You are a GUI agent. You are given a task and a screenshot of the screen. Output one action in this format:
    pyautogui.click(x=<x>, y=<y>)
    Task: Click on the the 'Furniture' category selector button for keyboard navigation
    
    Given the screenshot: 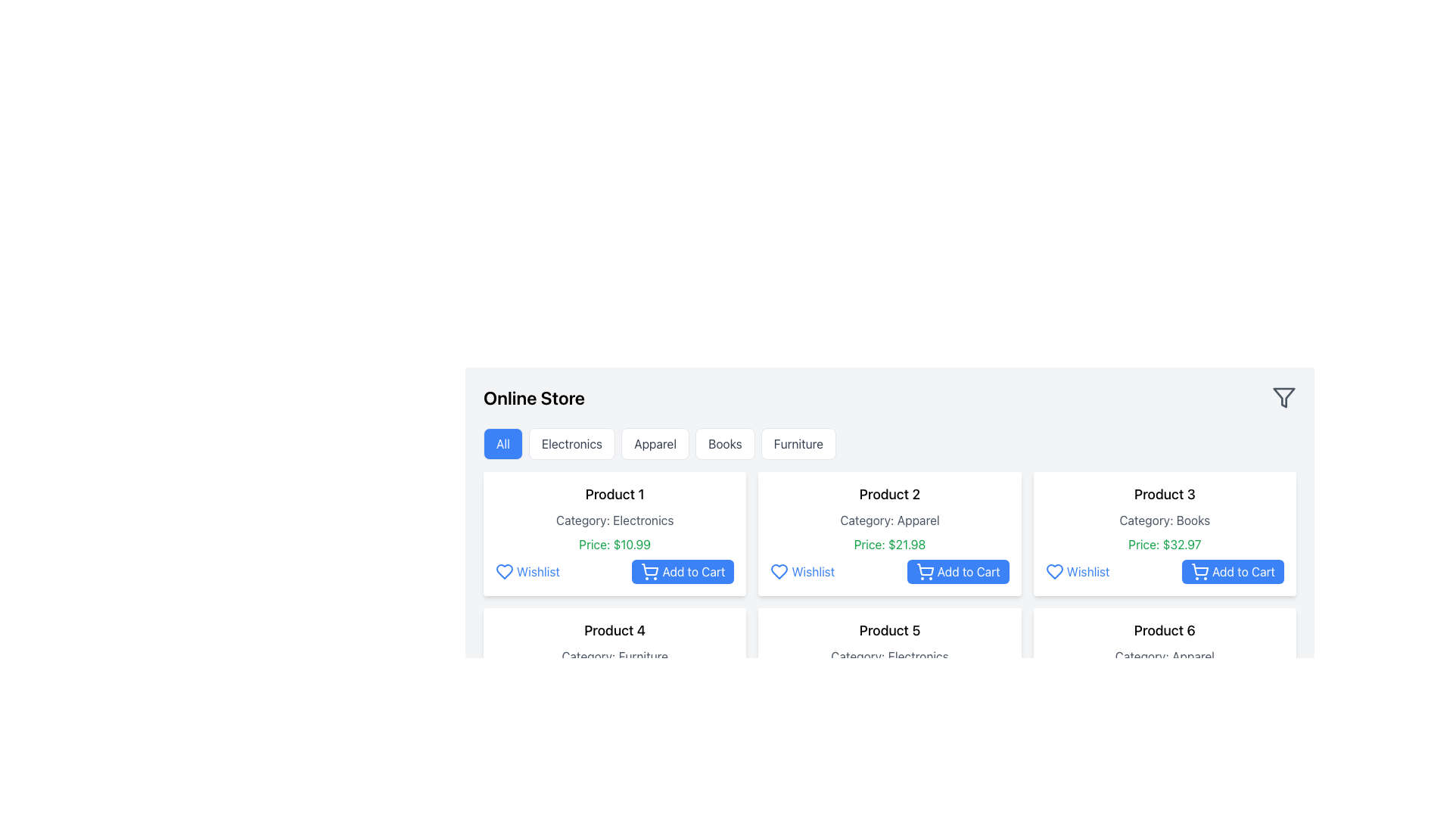 What is the action you would take?
    pyautogui.click(x=798, y=443)
    